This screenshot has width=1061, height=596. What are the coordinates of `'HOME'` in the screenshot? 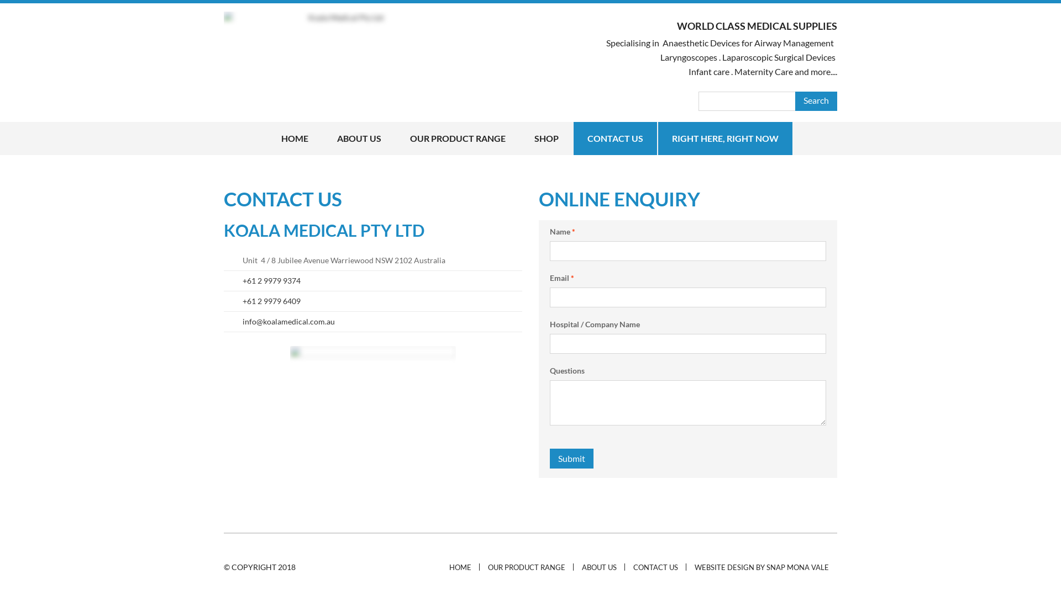 It's located at (460, 567).